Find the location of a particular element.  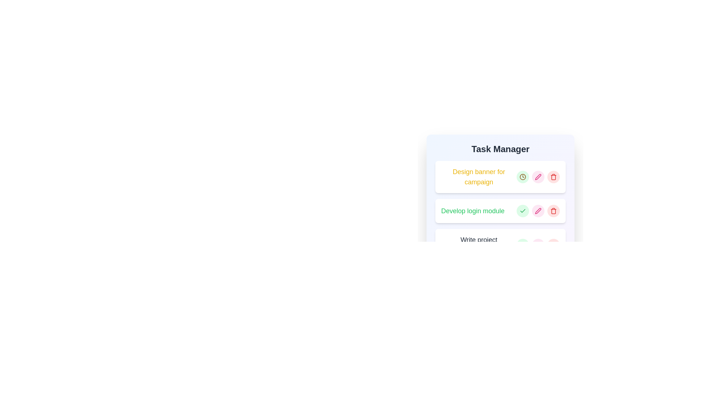

the delete icon button located on the right-hand side of the second task in the task list is located at coordinates (554, 211).